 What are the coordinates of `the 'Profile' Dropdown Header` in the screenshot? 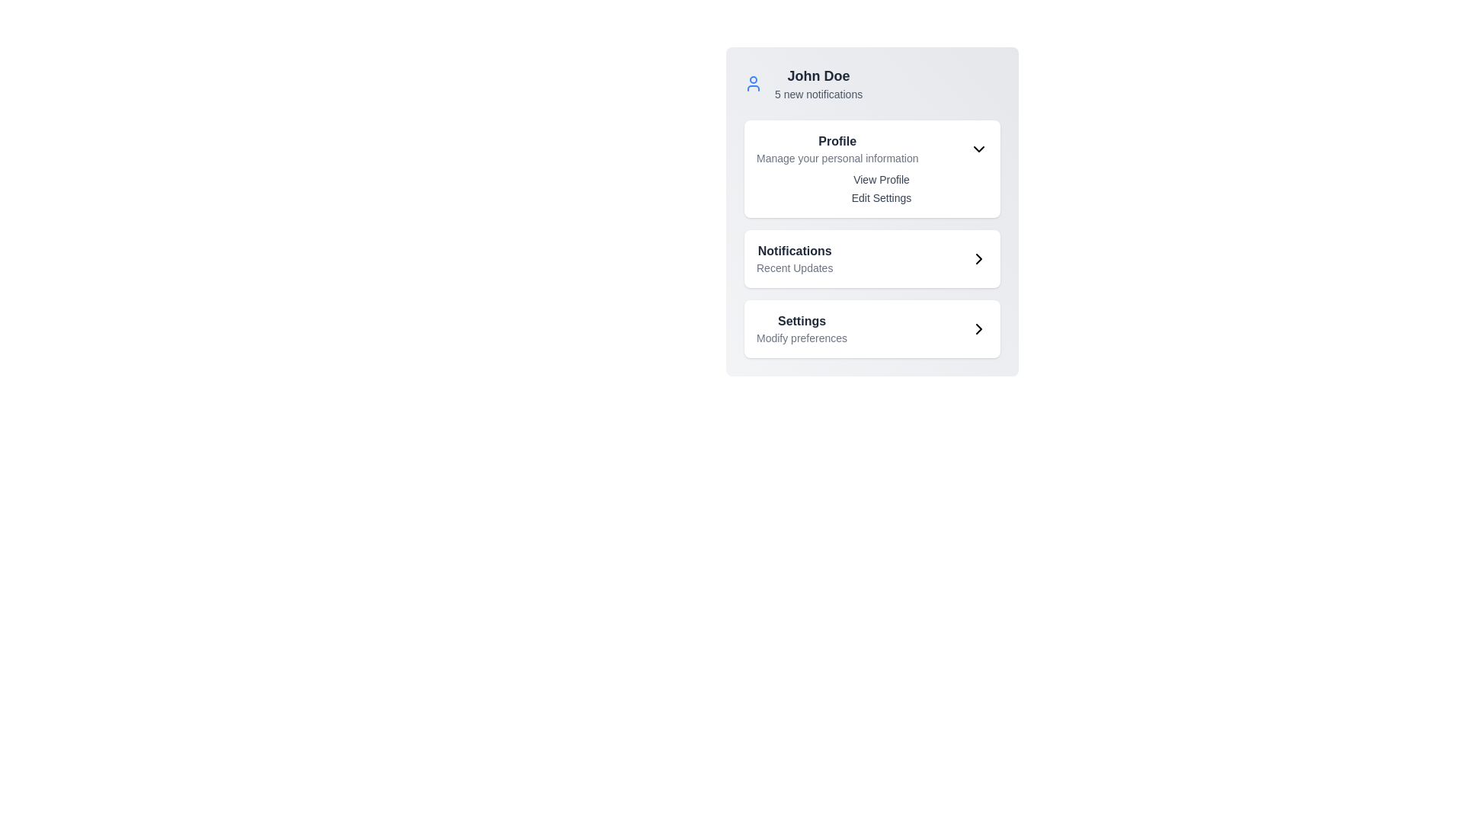 It's located at (872, 149).